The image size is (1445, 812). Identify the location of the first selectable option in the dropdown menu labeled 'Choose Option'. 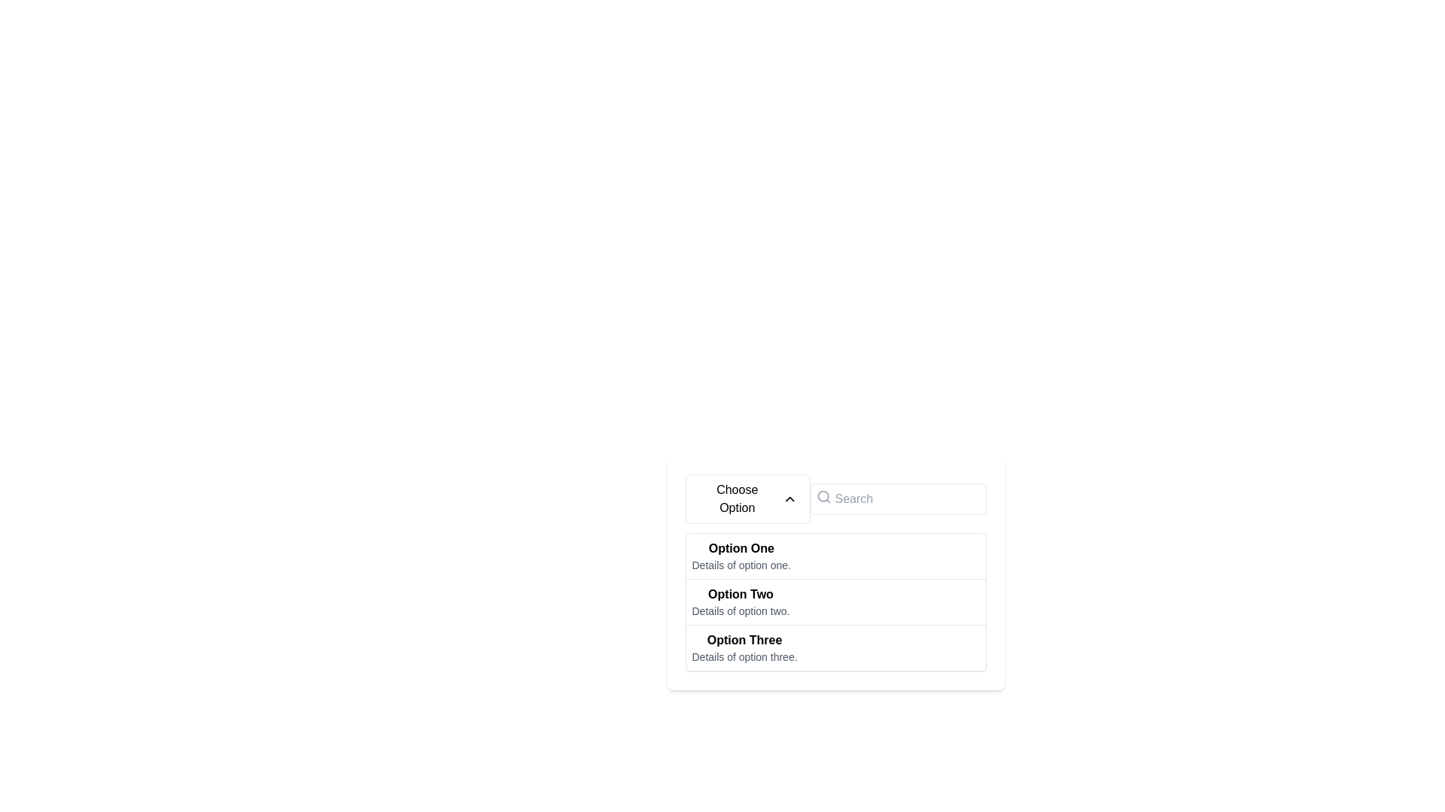
(741, 556).